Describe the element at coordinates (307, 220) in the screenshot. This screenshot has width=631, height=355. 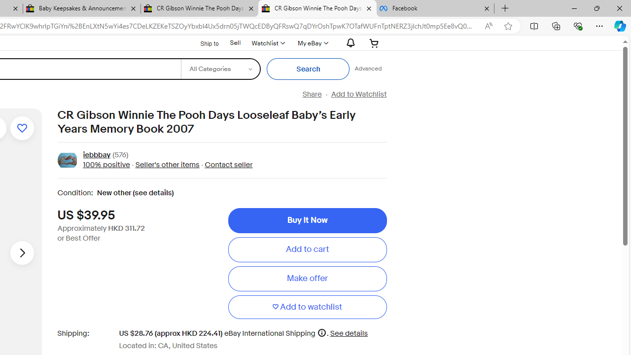
I see `'Buy It Now'` at that location.